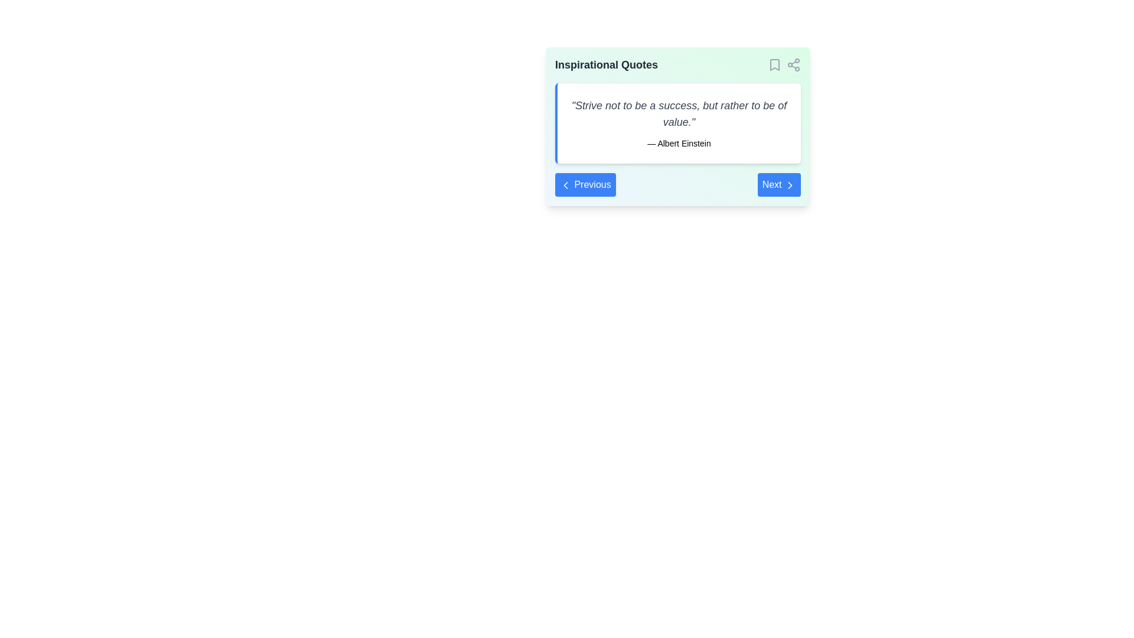  What do you see at coordinates (784, 65) in the screenshot?
I see `the right icon in the icon group located in the top-right corner of the 'Inspirational Quotes' header to share content` at bounding box center [784, 65].